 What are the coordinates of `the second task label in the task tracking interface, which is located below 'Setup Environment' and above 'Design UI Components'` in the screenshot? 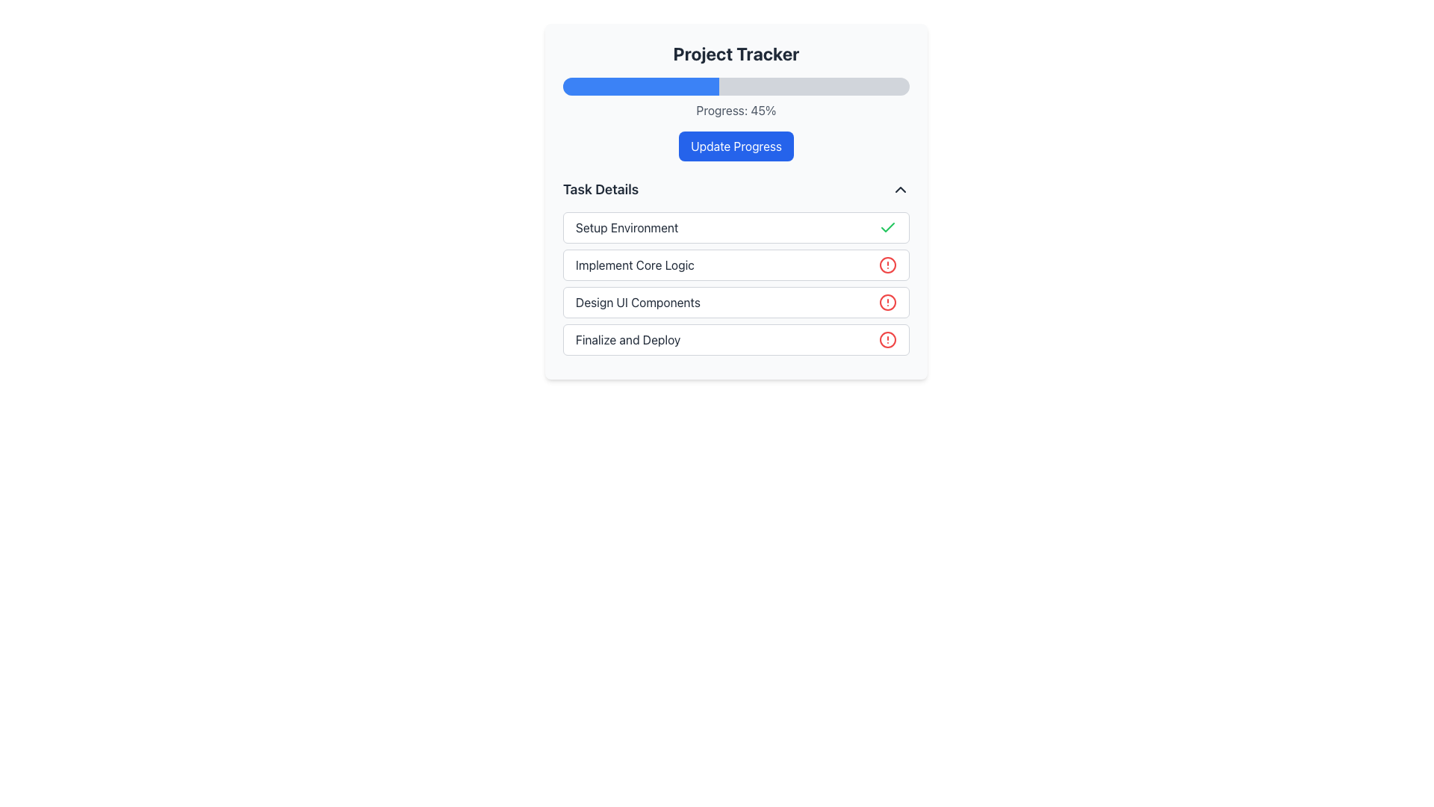 It's located at (635, 264).